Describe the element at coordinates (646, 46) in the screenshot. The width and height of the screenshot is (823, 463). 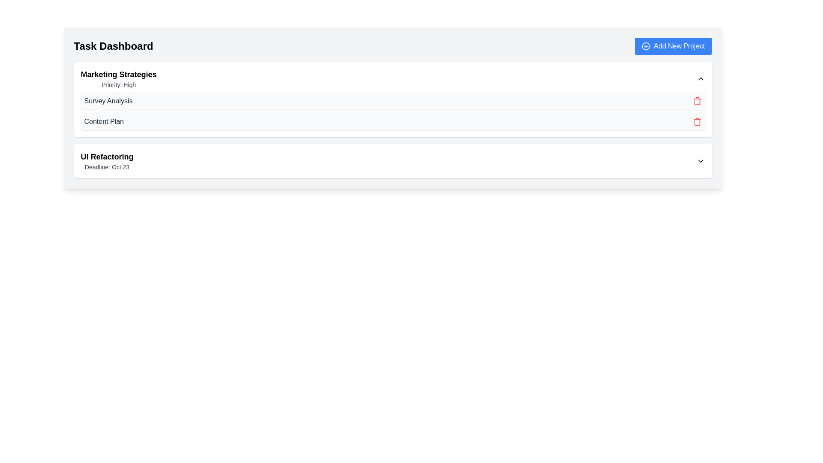
I see `the icon located just left of the 'Add New Project' button` at that location.